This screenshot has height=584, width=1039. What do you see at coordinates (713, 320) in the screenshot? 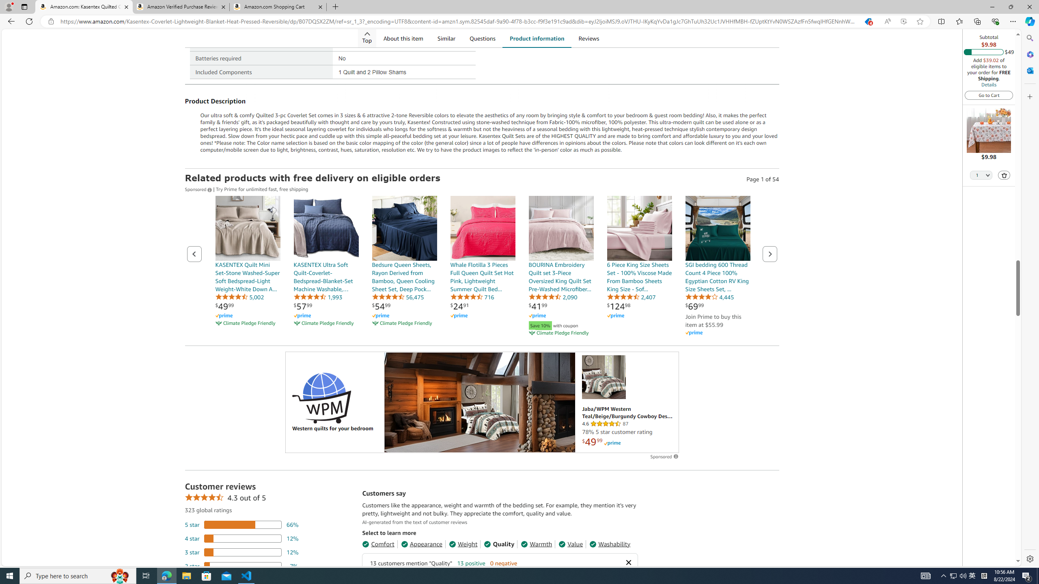
I see `'Join Prime to buy this item at $55.99'` at bounding box center [713, 320].